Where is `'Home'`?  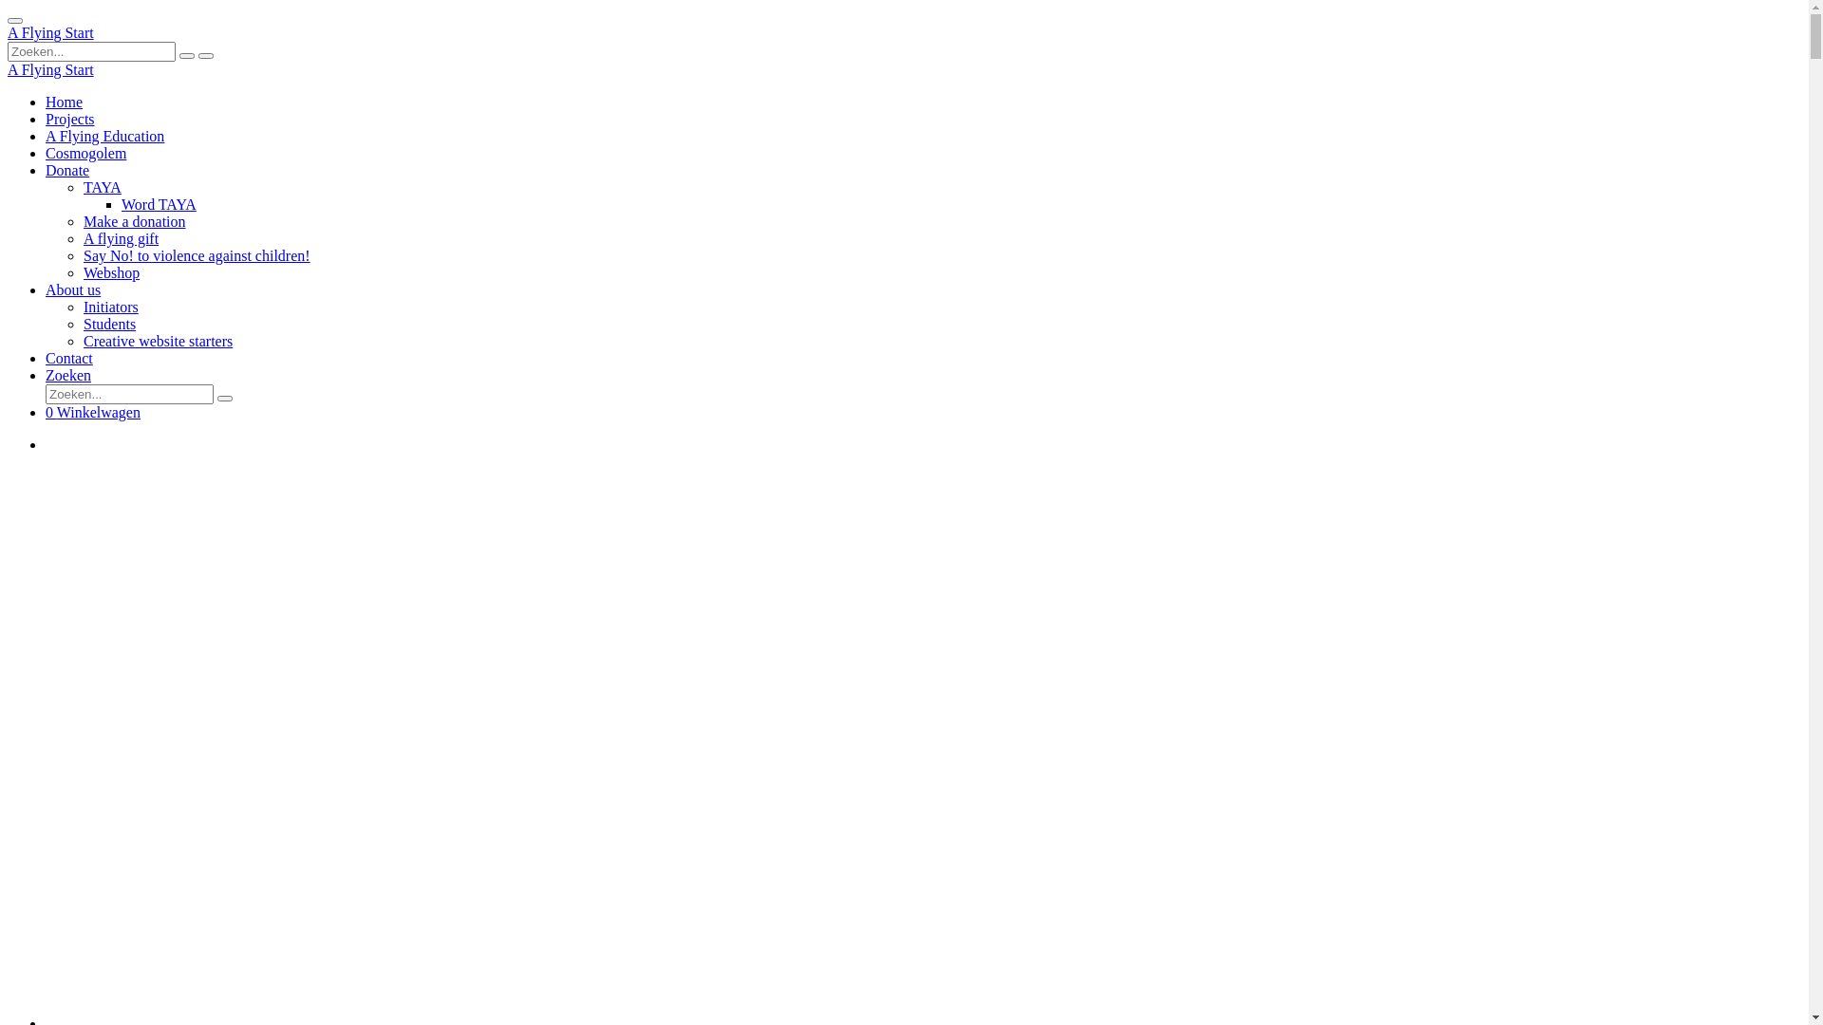 'Home' is located at coordinates (46, 102).